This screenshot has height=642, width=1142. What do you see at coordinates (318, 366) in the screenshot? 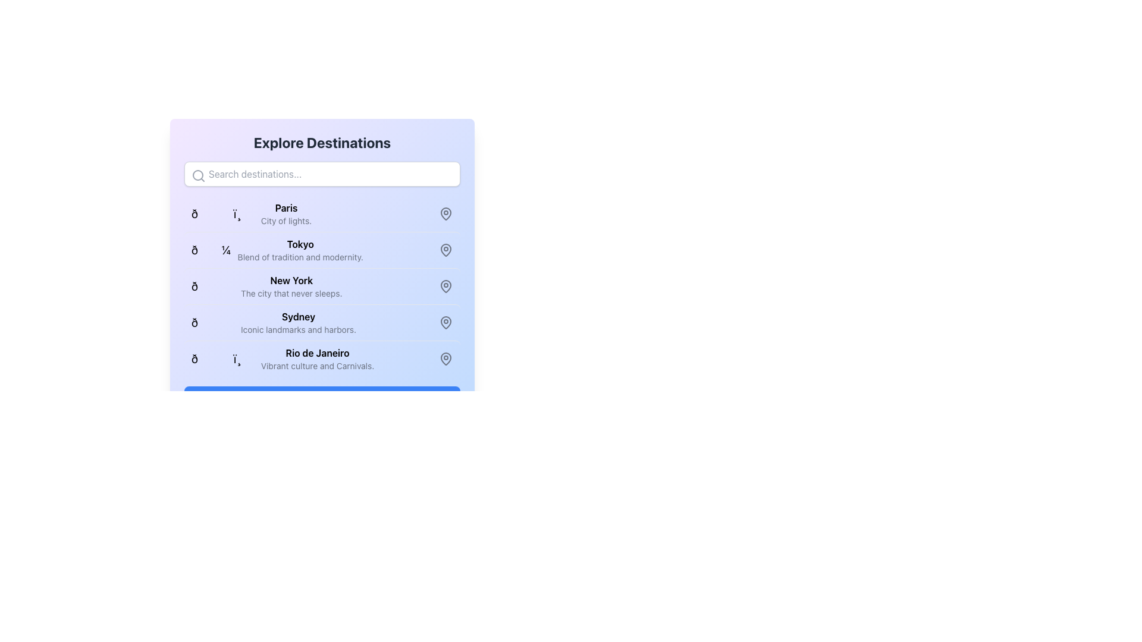
I see `the static text label displaying 'Vibrant culture and Carnivals.' located beneath the heading 'Rio de Janeiro' in the UI layout` at bounding box center [318, 366].